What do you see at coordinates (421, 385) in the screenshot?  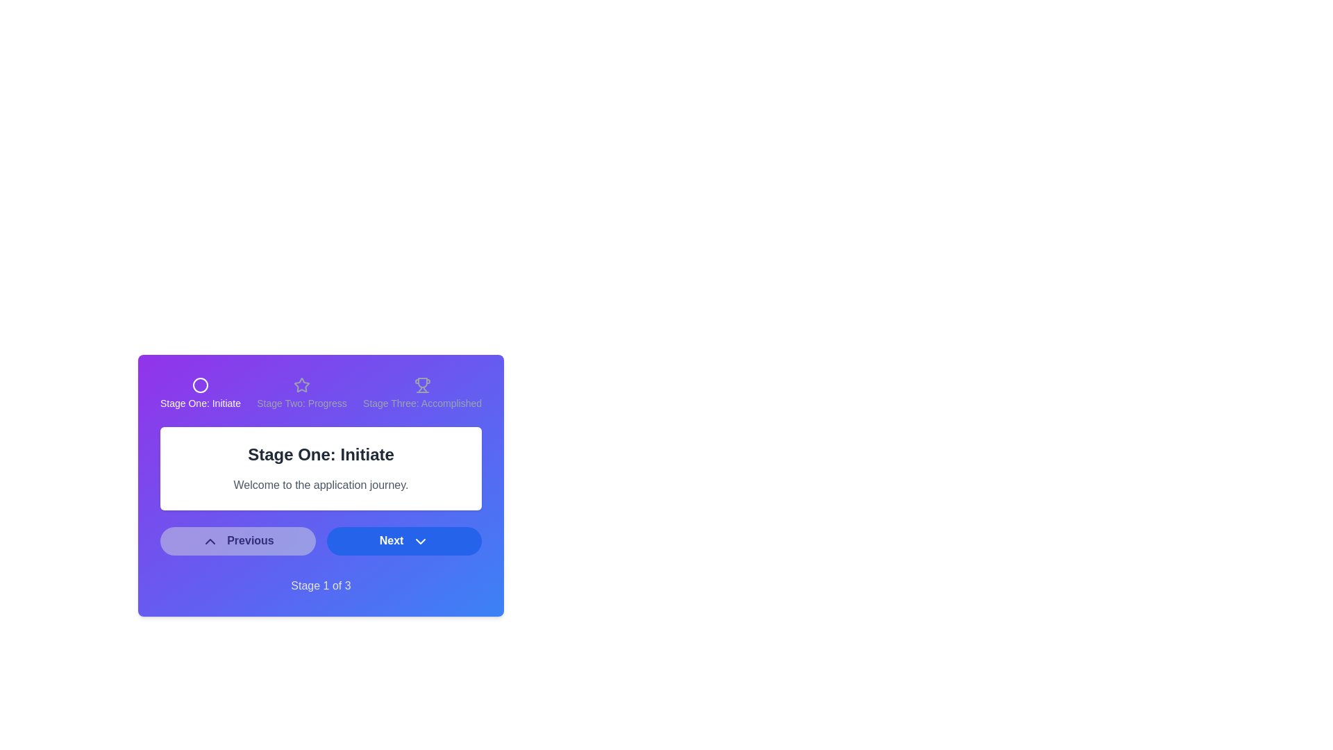 I see `the trophy icon representing the third stage of the multi-step process, which is positioned above the label 'Stage Three: Accomplished'` at bounding box center [421, 385].